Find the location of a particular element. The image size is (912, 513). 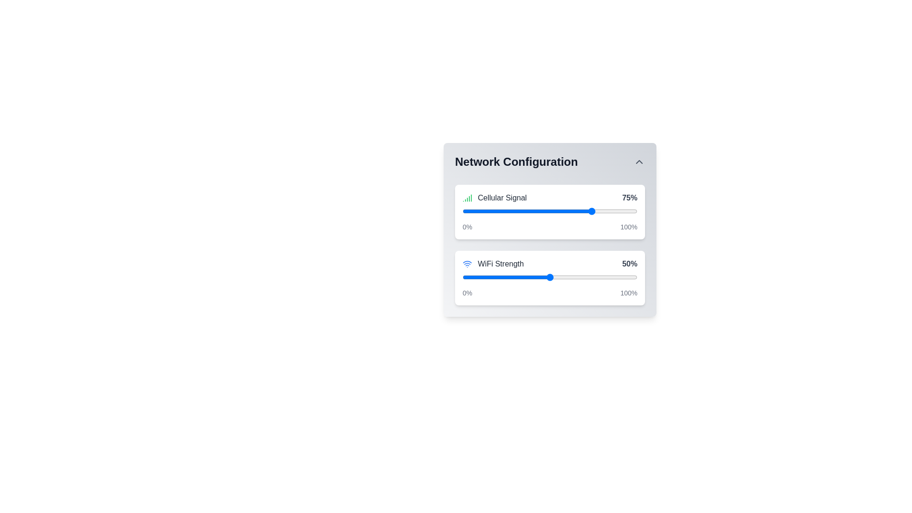

the Cellular Signal strength is located at coordinates (489, 210).